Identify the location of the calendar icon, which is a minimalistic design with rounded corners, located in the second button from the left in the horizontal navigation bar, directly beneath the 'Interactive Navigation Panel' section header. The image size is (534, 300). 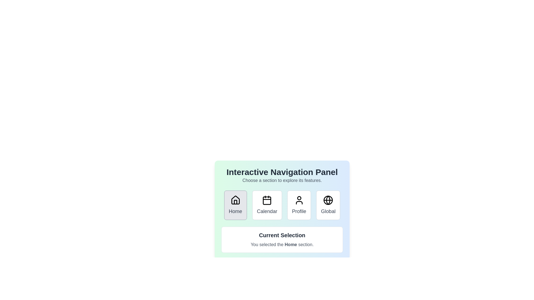
(267, 200).